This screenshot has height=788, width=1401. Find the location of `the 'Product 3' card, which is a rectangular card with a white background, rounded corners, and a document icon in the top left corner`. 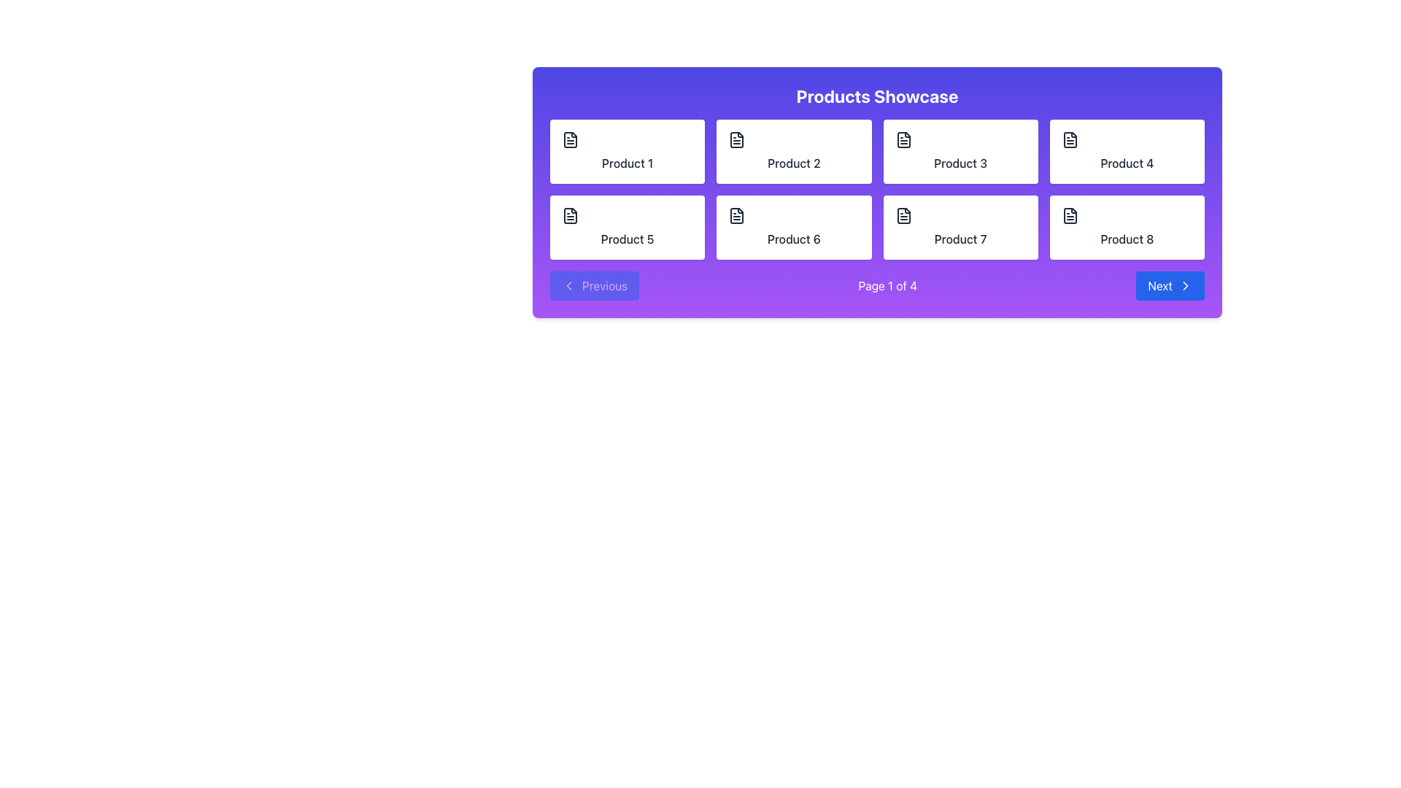

the 'Product 3' card, which is a rectangular card with a white background, rounded corners, and a document icon in the top left corner is located at coordinates (960, 152).